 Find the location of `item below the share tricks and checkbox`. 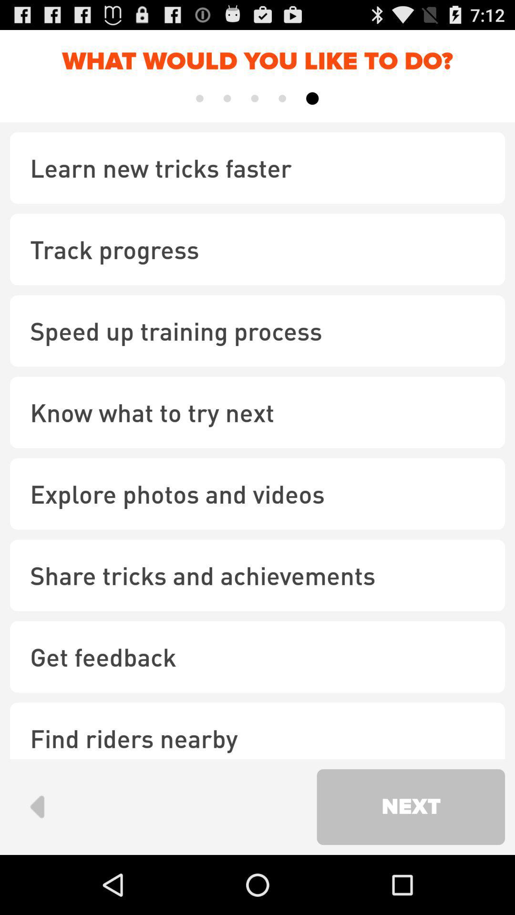

item below the share tricks and checkbox is located at coordinates (257, 656).